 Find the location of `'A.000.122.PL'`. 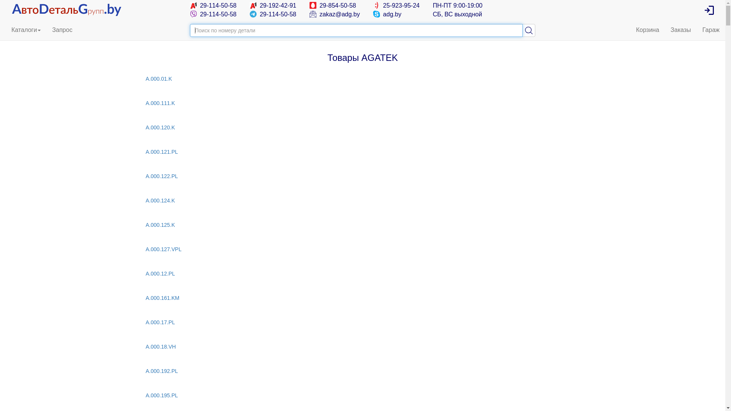

'A.000.122.PL' is located at coordinates (362, 176).